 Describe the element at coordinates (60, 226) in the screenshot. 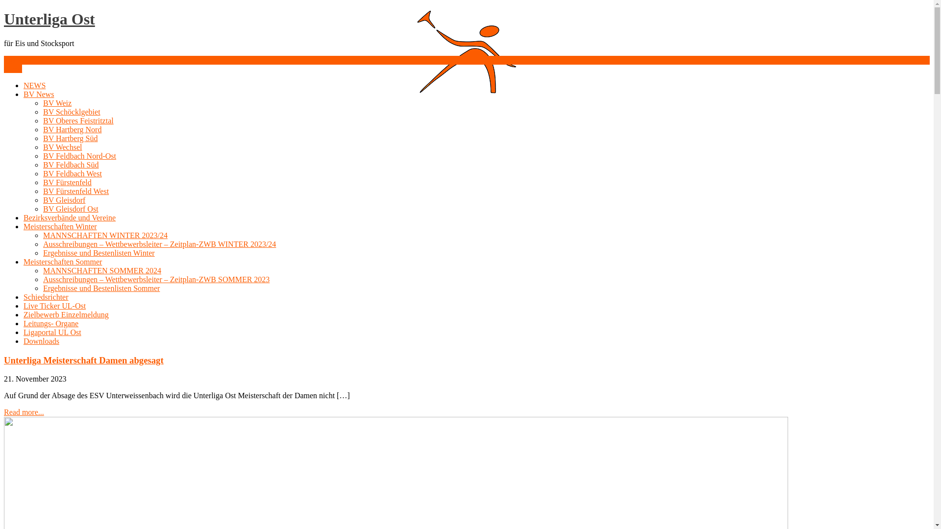

I see `'Meisterschaften Winter'` at that location.